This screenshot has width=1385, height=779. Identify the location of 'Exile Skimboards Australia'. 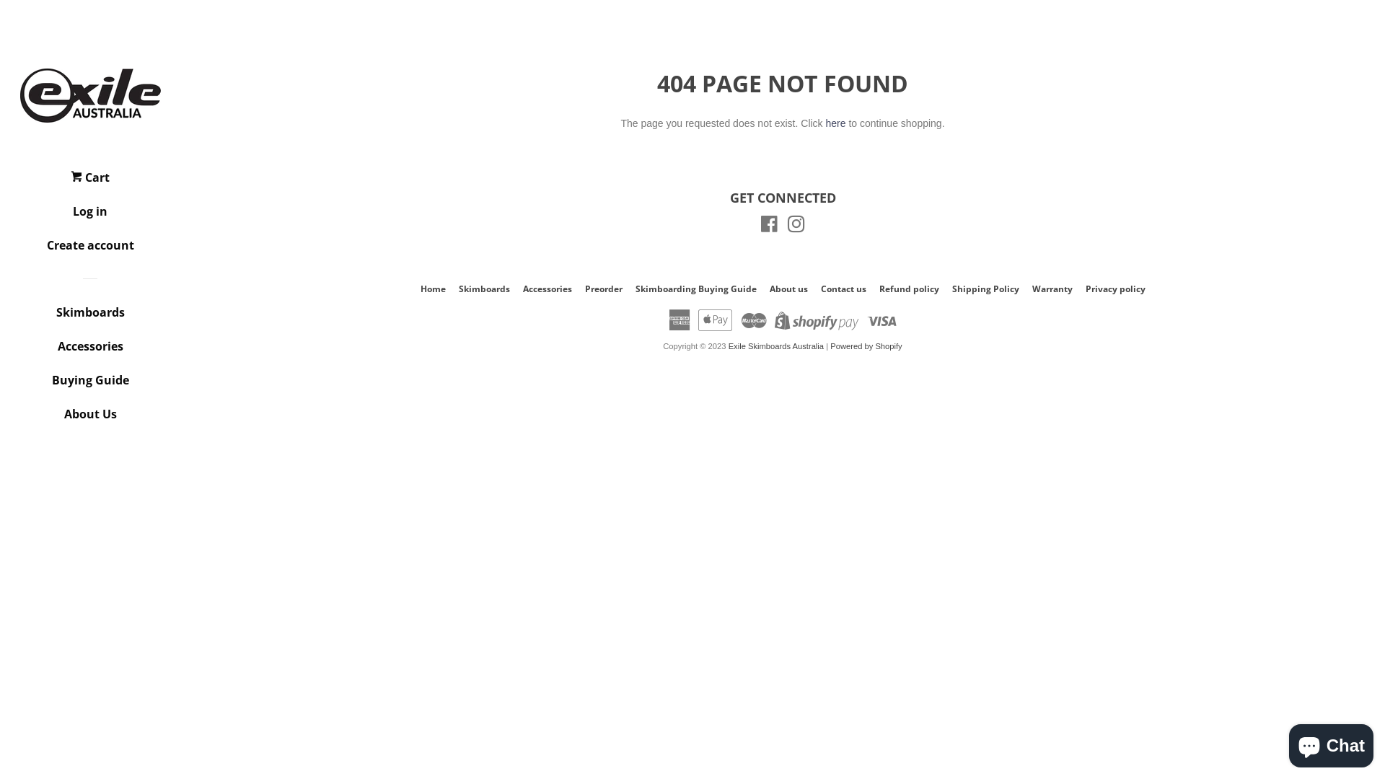
(775, 346).